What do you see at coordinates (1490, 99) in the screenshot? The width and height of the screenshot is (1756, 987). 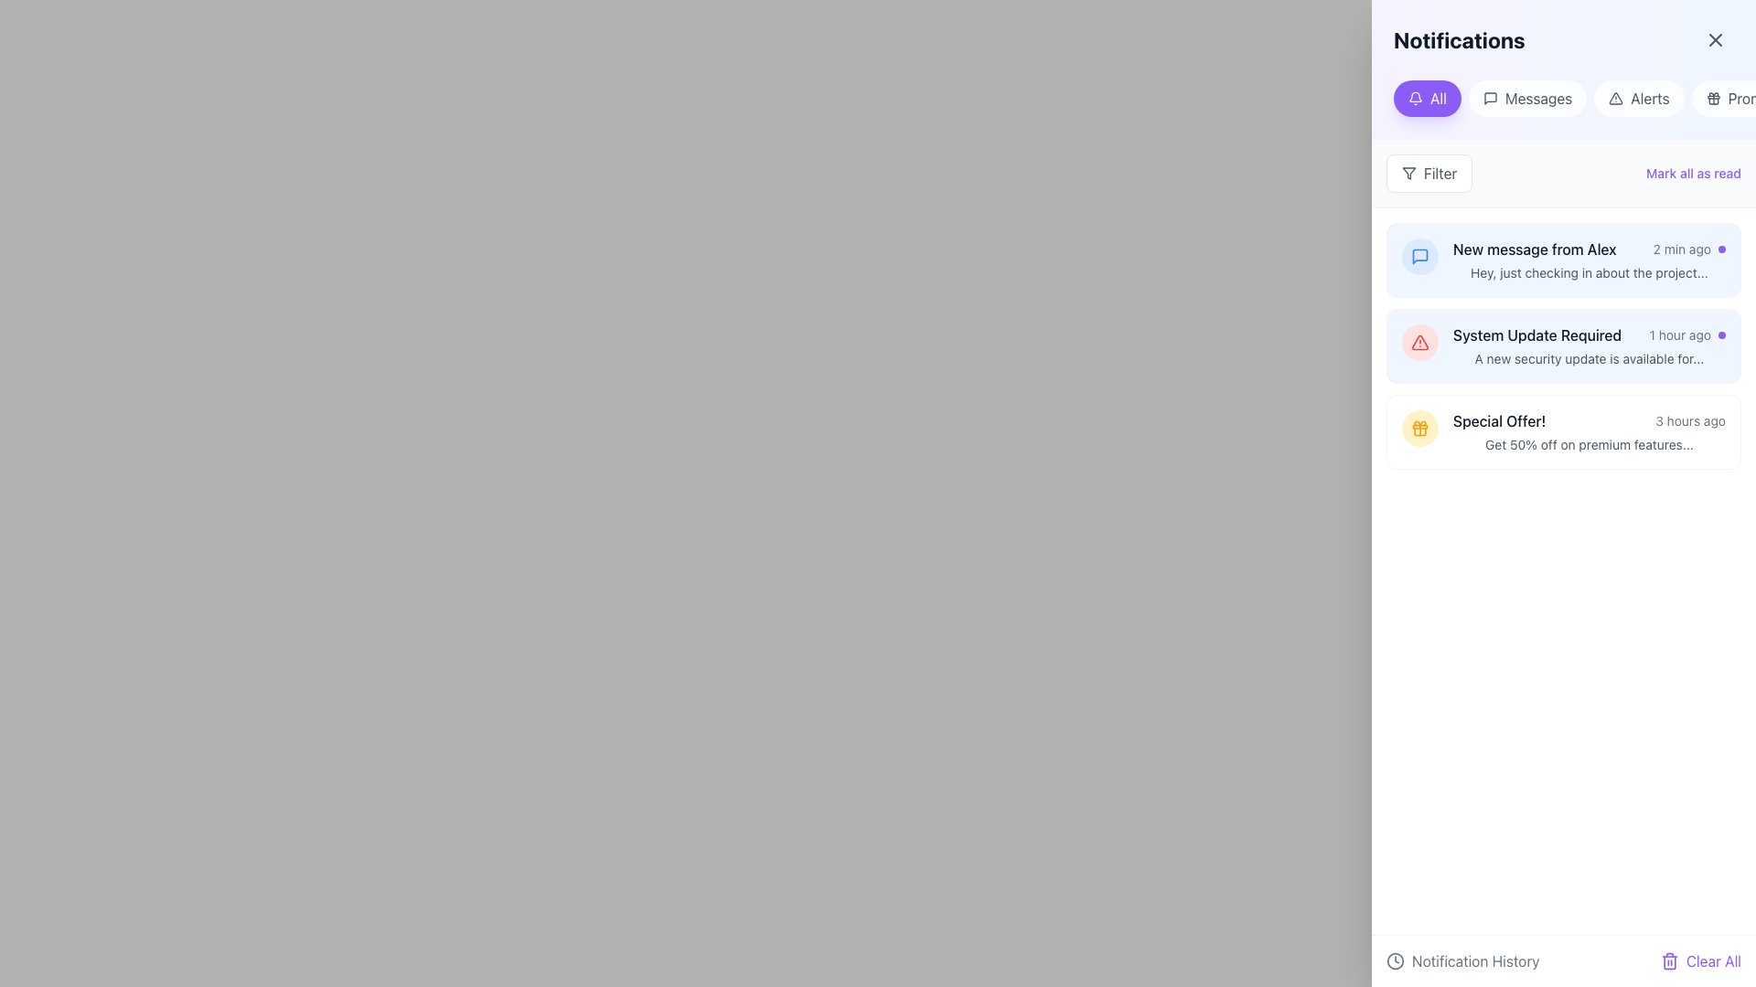 I see `the 'Messages' icon in the notification panel` at bounding box center [1490, 99].